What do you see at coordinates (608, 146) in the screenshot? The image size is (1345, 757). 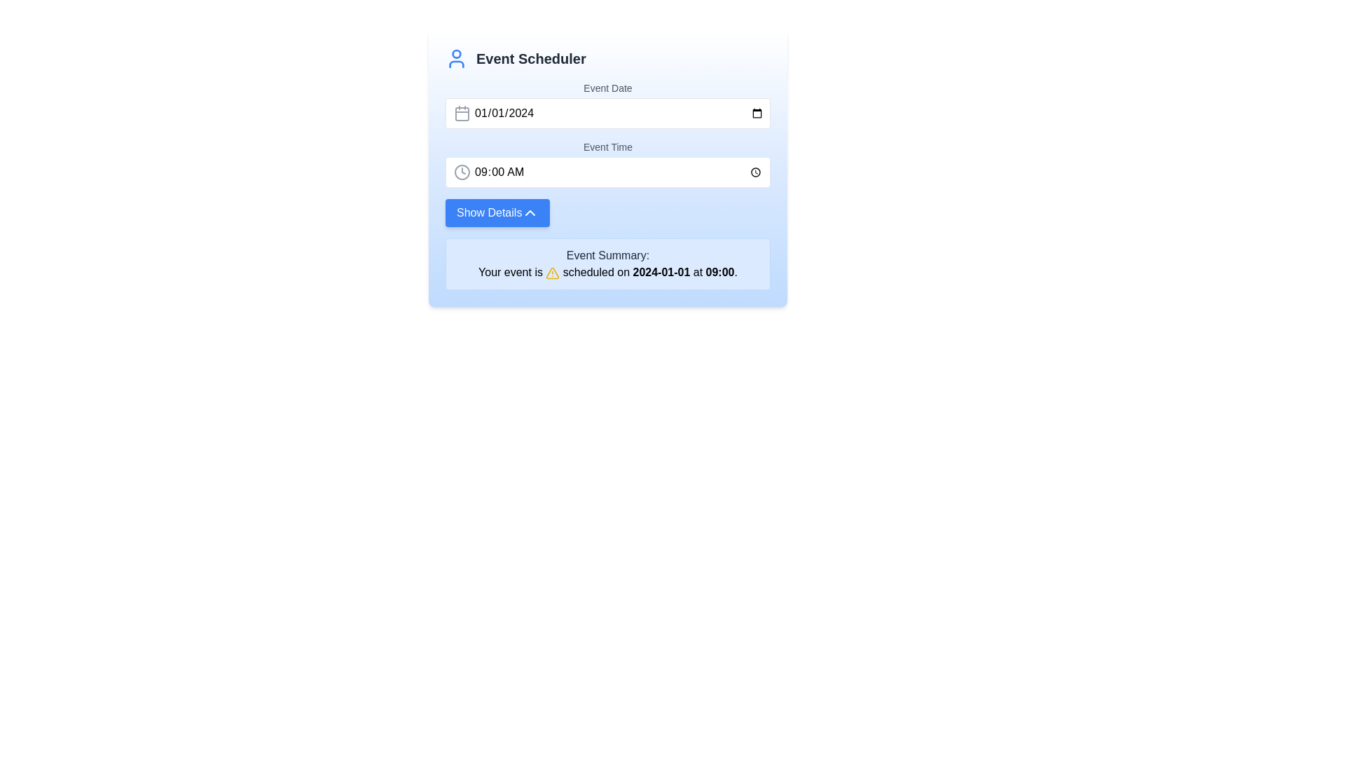 I see `the label that describes the event's time input field, which is centrally aligned beneath the 'Event Date' input field and above another input field with a clock icon` at bounding box center [608, 146].